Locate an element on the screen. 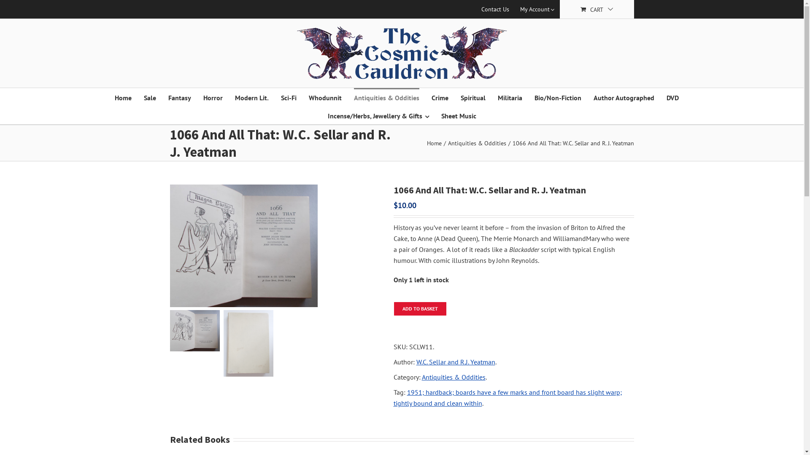 This screenshot has height=455, width=810. 'Antiquities & Oddities' is located at coordinates (453, 376).